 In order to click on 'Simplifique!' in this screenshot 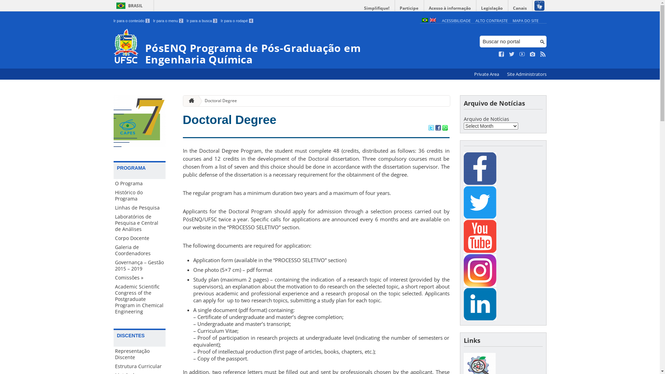, I will do `click(376, 8)`.